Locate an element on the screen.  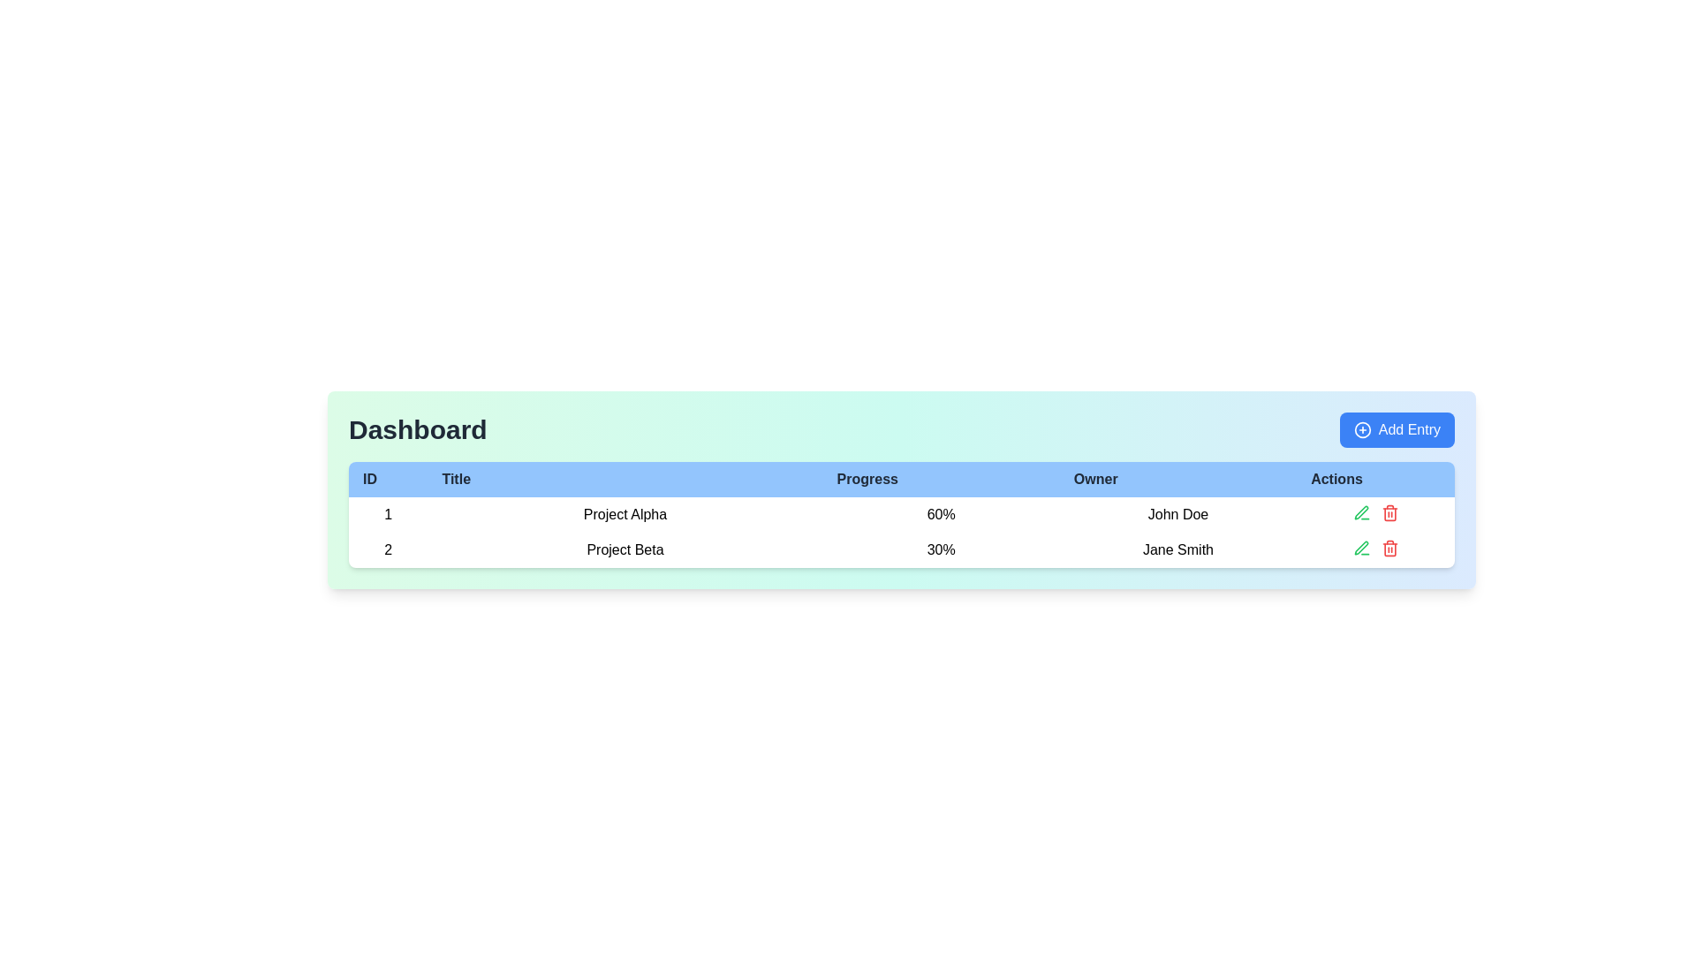
the red trash can icon in the 'Actions' column of the second row is located at coordinates (1389, 513).